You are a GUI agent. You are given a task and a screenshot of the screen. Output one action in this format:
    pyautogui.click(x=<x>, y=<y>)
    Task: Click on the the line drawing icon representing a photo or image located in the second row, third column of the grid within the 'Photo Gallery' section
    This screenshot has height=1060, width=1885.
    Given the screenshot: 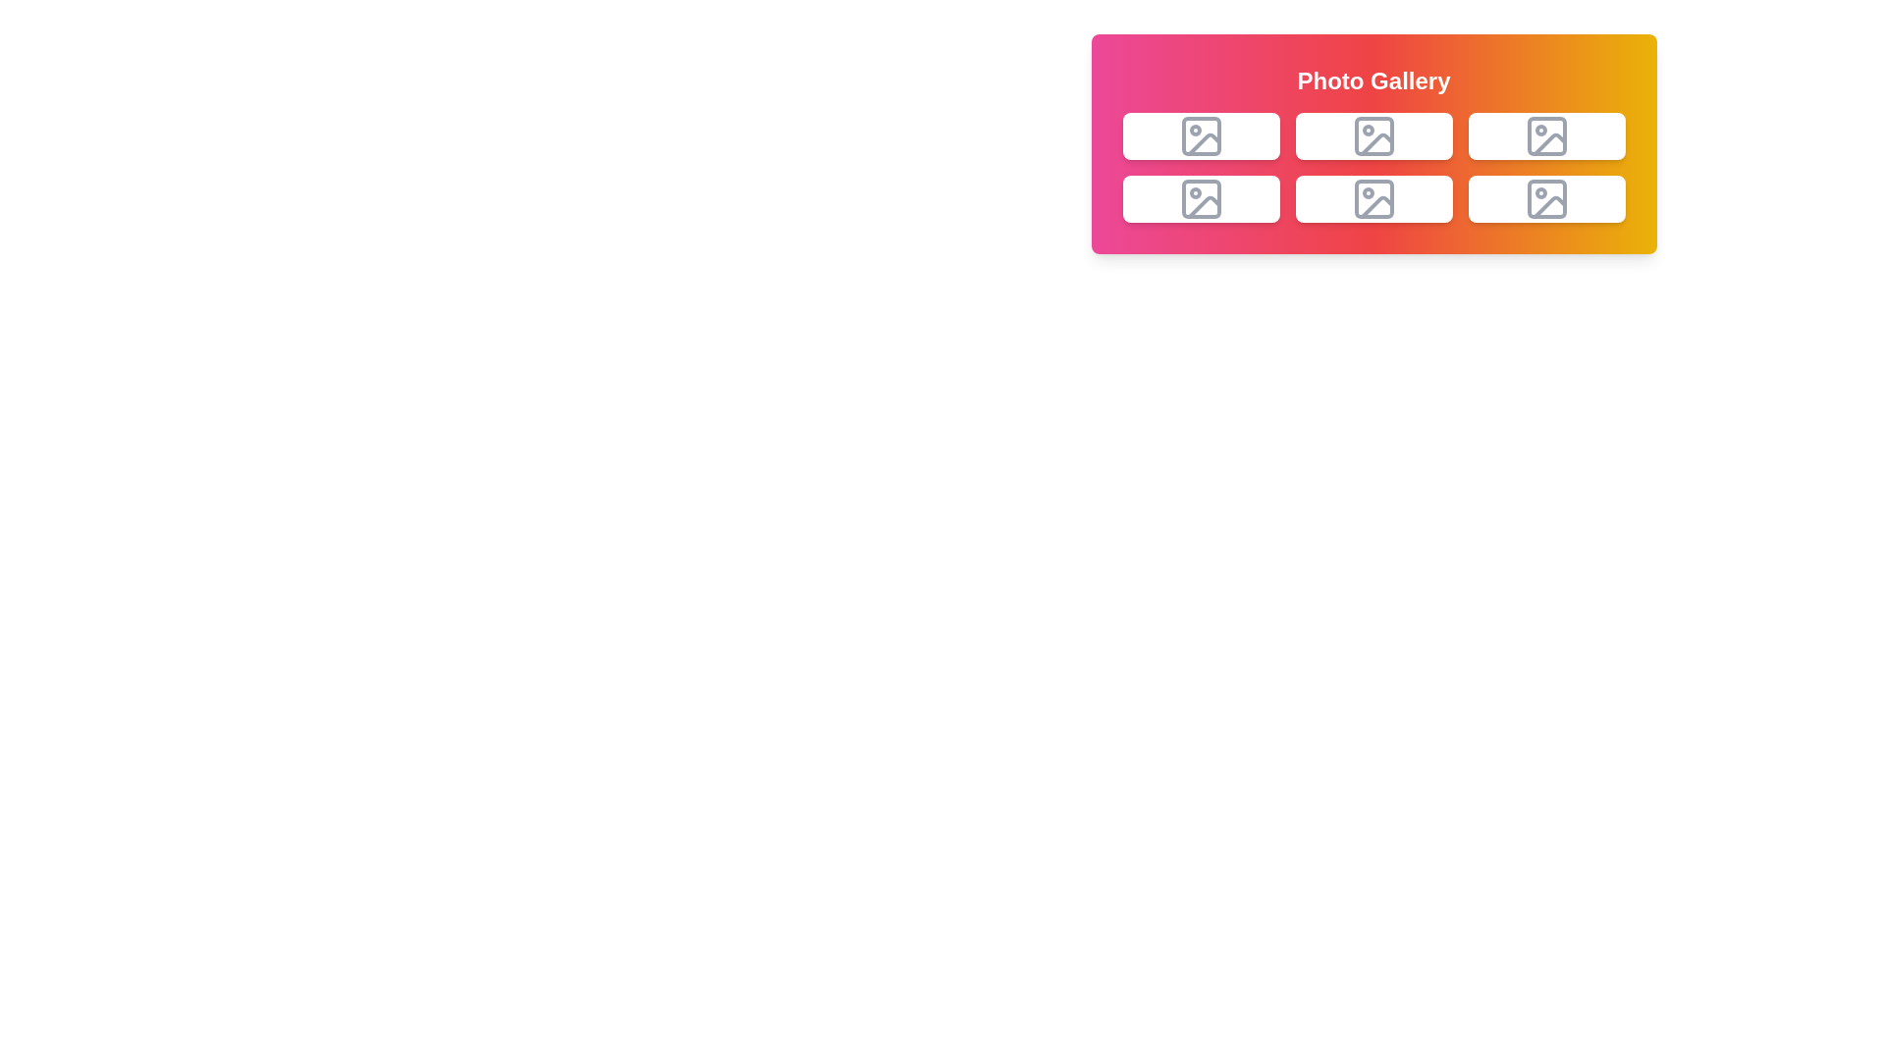 What is the action you would take?
    pyautogui.click(x=1373, y=199)
    